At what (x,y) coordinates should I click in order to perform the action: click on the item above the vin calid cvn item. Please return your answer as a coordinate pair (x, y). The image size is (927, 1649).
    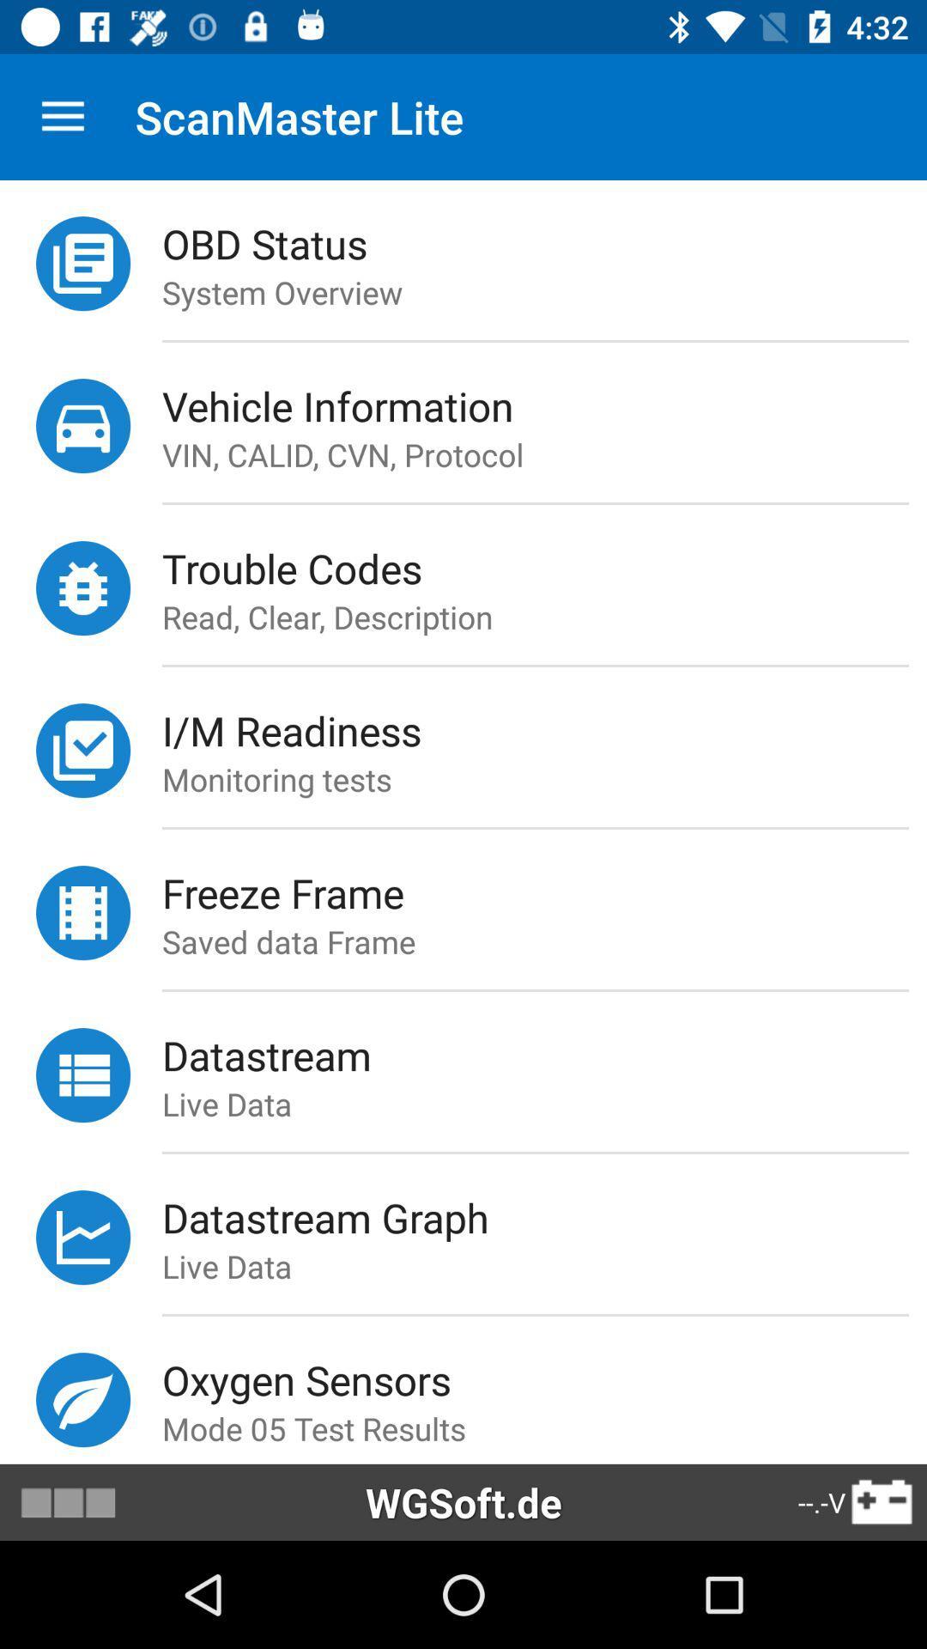
    Looking at the image, I should click on (544, 405).